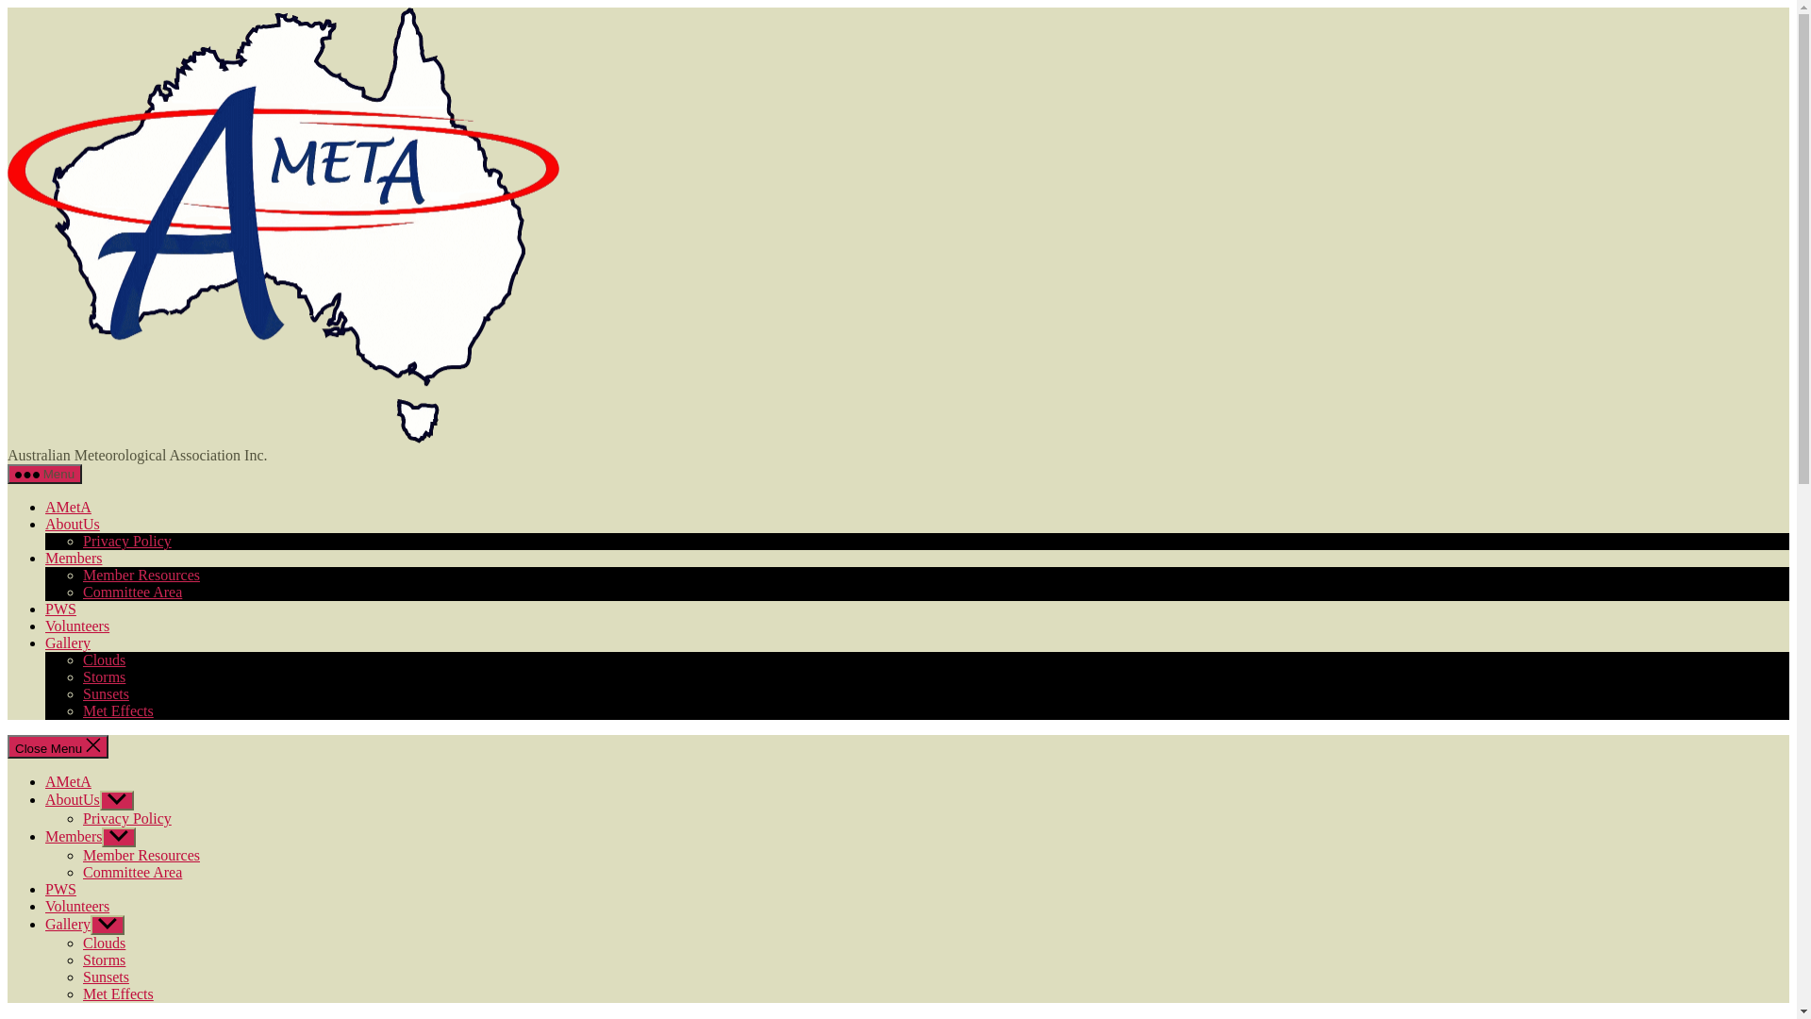 This screenshot has height=1019, width=1811. I want to click on 'Show sub menu', so click(107, 924).